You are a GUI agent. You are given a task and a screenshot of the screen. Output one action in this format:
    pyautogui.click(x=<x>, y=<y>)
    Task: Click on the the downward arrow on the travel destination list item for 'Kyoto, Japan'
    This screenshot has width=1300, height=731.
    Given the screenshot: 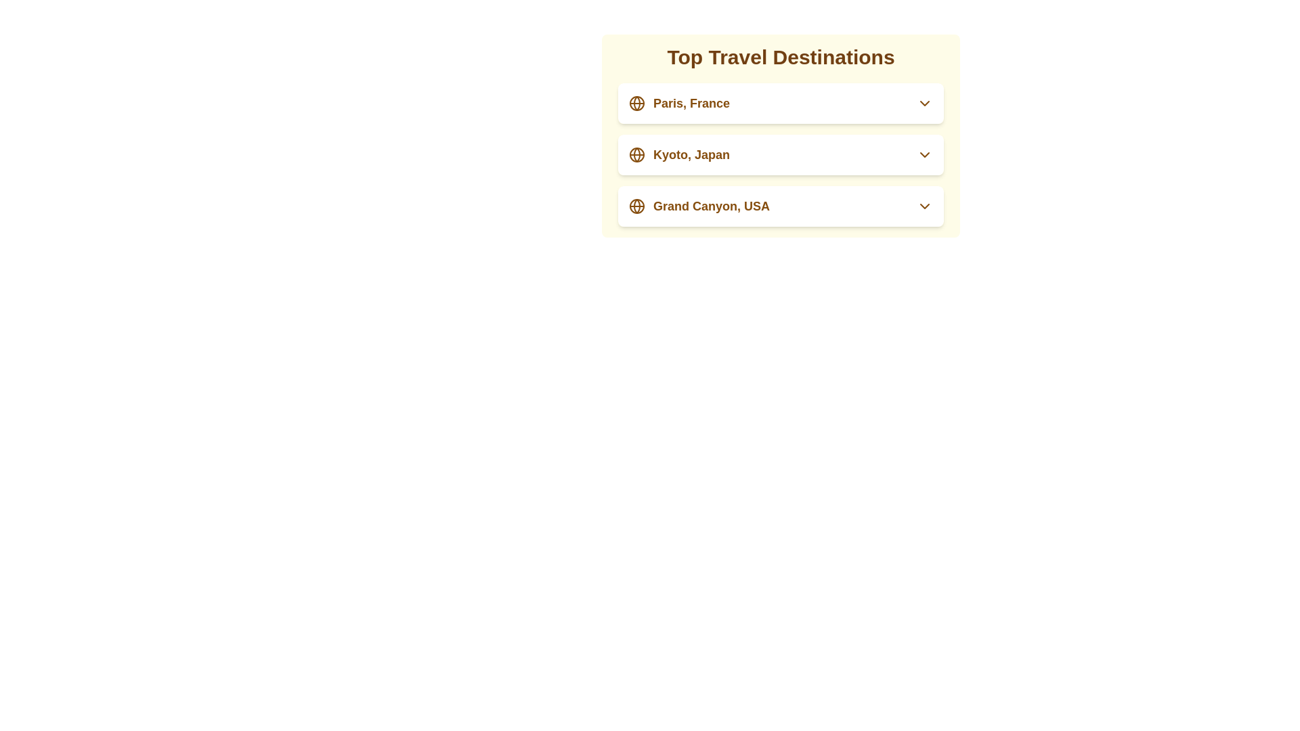 What is the action you would take?
    pyautogui.click(x=781, y=154)
    